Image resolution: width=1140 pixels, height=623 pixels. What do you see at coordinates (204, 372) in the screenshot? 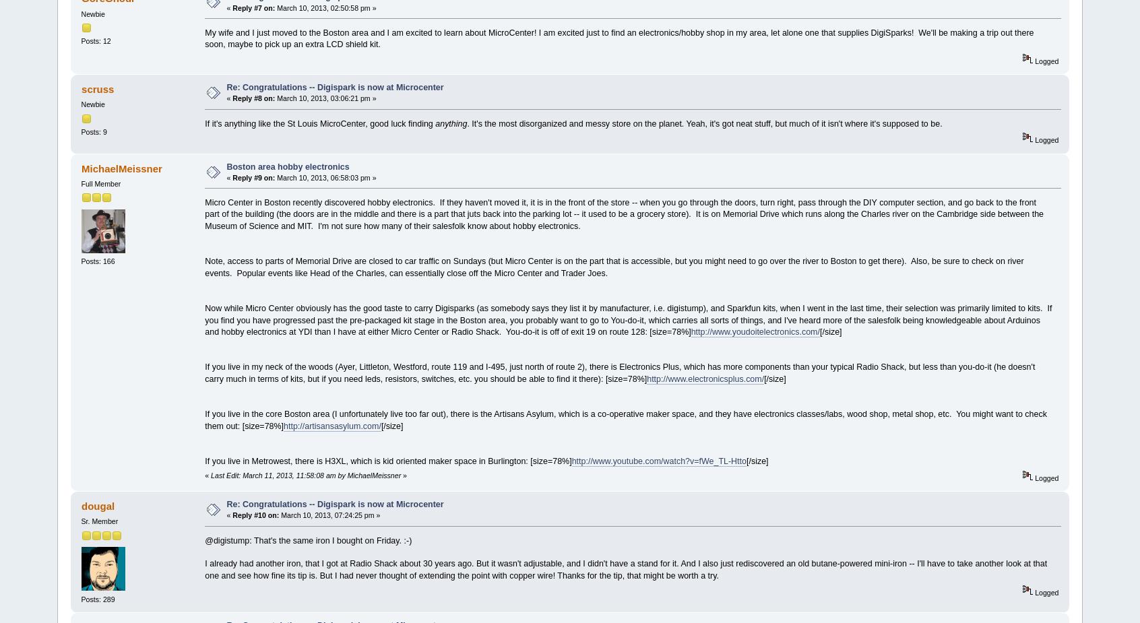
I see `'If you live in my neck of the woods (Ayer, Littleton, Westford, route 119 and I-495, just north of route 2), there is Electronics Plus, which has more components than your typical Radio Shack, but less than you-do-it (he doesn't carry much in terms of kits, but if you need leds, resistors, switches, etc. you should be able to find it there): [size=78%]'` at bounding box center [204, 372].